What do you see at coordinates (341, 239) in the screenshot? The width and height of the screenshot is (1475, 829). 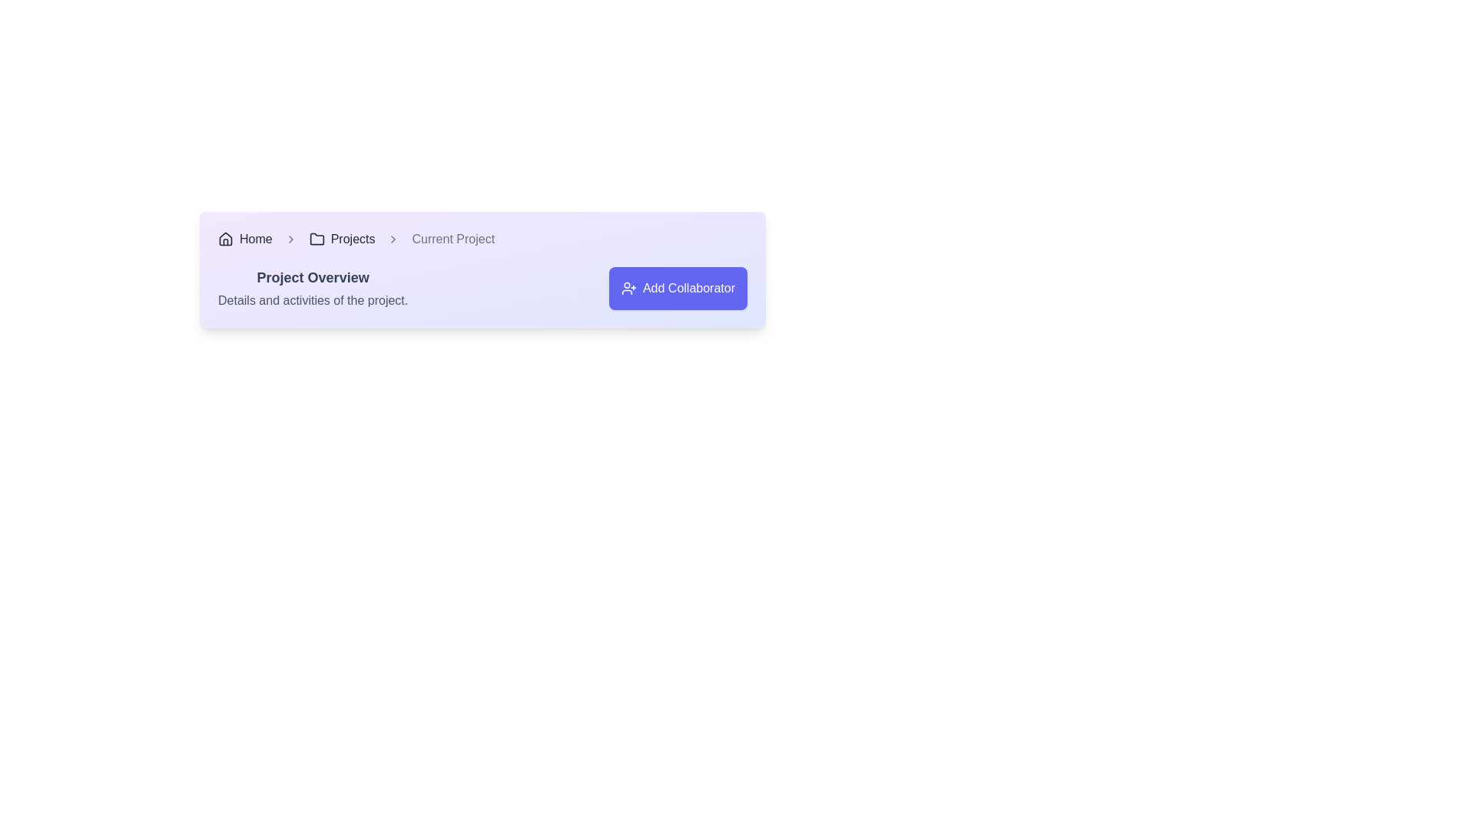 I see `the Breadcrumb link for 'Projects'` at bounding box center [341, 239].